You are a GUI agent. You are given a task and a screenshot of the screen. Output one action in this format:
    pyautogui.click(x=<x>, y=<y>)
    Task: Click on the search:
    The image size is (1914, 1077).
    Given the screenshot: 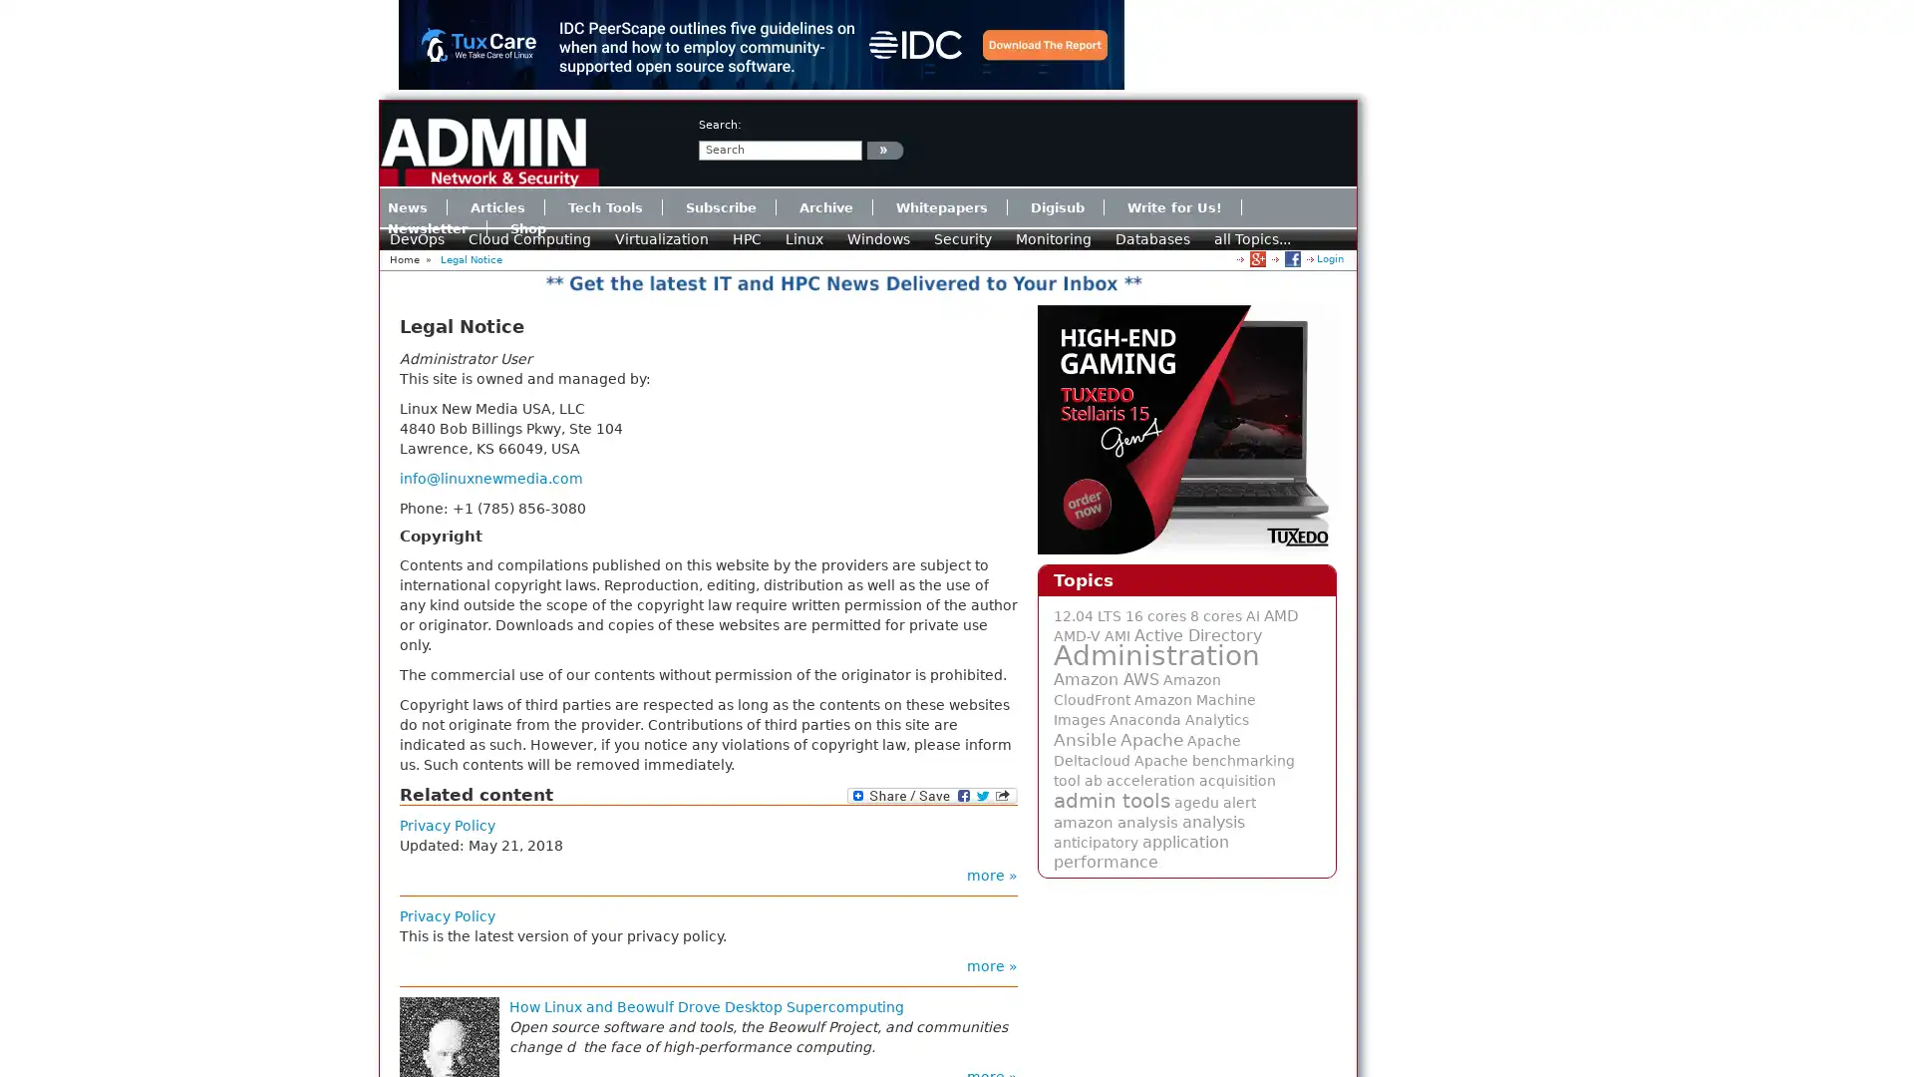 What is the action you would take?
    pyautogui.click(x=884, y=149)
    